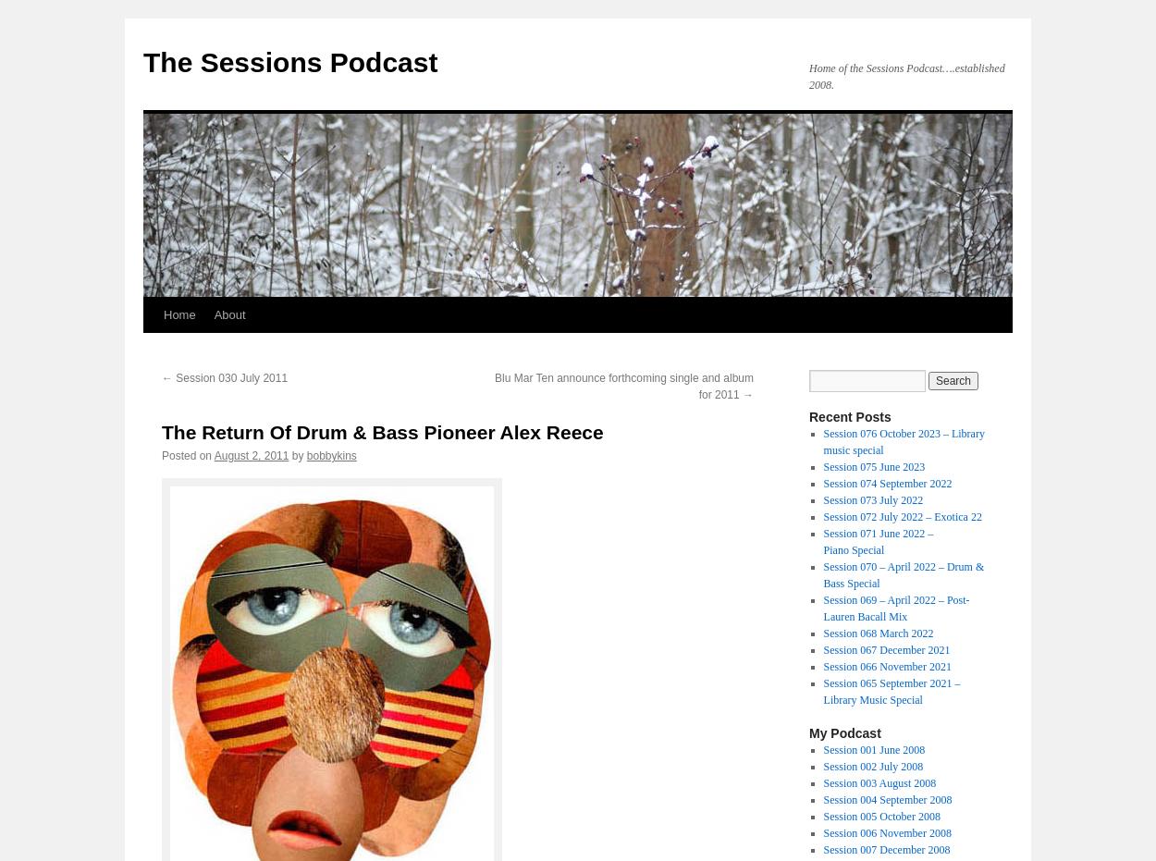 The image size is (1156, 861). Describe the element at coordinates (213, 455) in the screenshot. I see `'August 2, 2011'` at that location.